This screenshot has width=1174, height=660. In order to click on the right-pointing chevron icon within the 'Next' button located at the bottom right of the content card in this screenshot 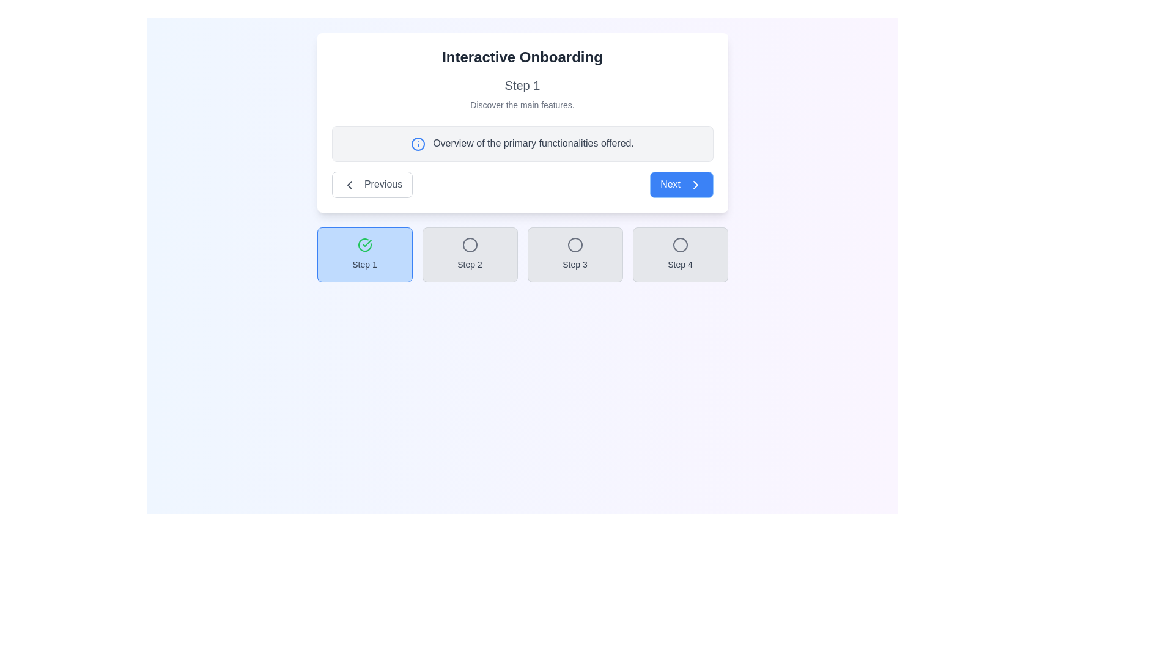, I will do `click(695, 185)`.